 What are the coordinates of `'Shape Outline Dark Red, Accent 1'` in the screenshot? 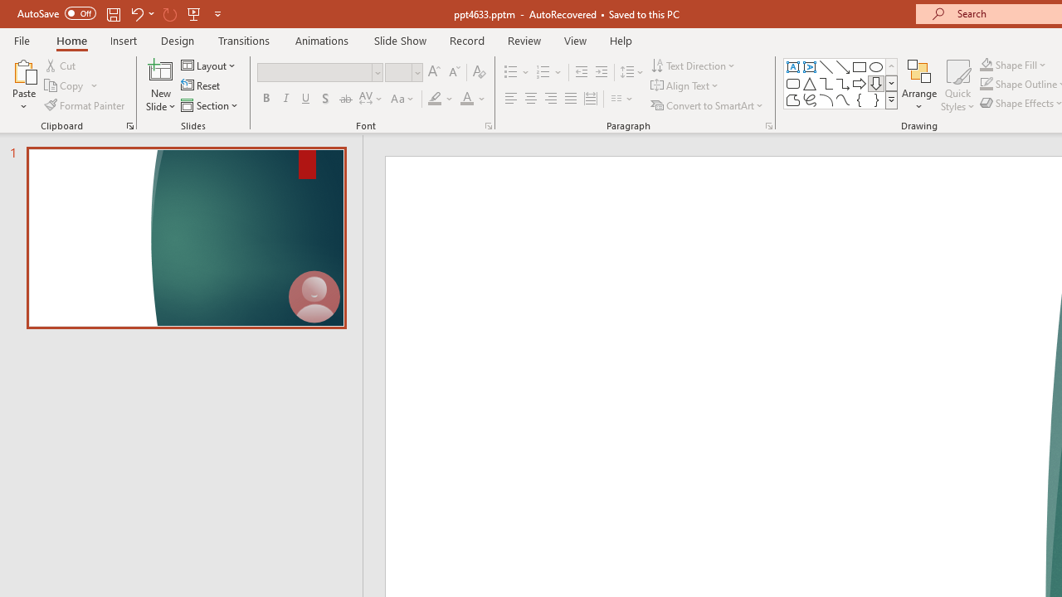 It's located at (986, 84).